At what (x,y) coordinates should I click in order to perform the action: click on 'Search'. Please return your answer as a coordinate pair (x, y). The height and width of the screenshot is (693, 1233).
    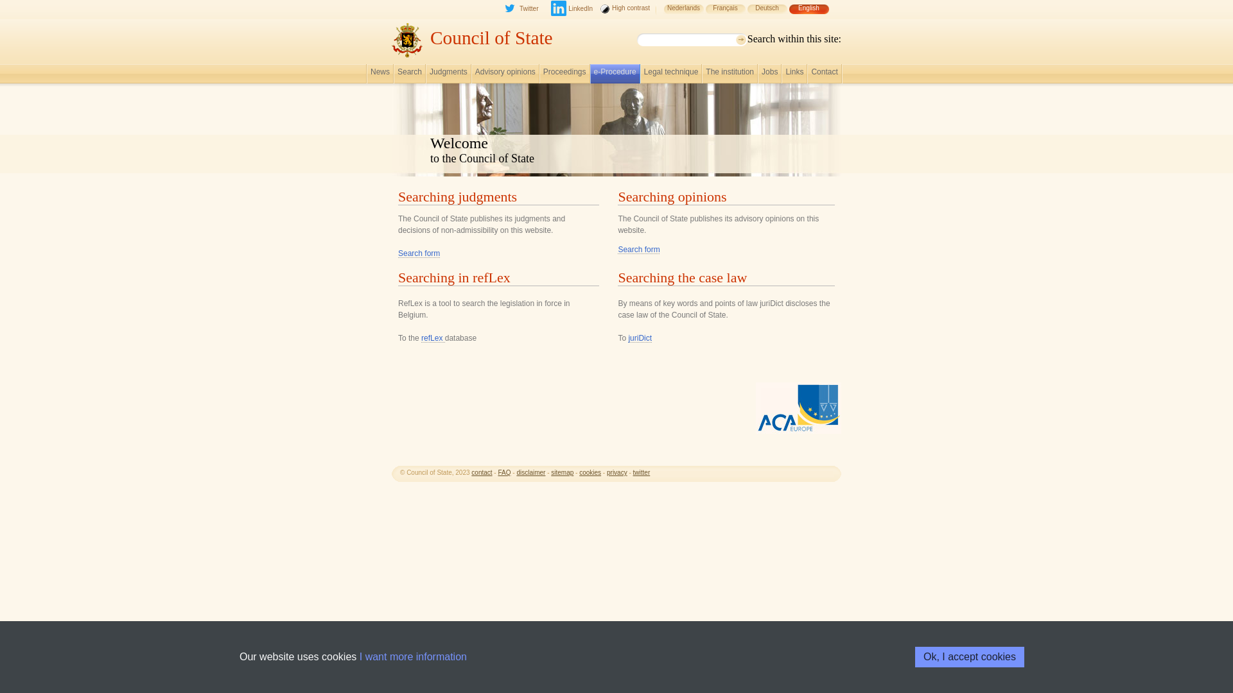
    Looking at the image, I should click on (409, 75).